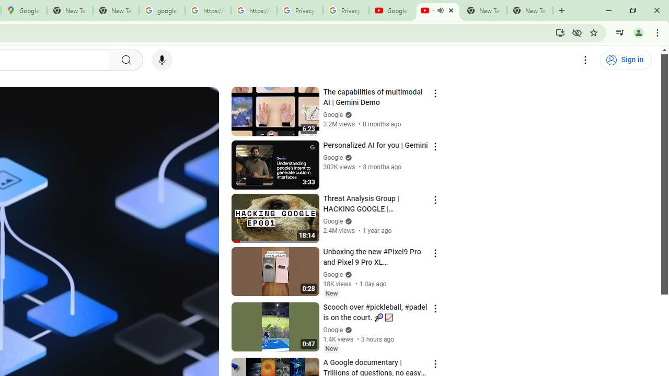 The height and width of the screenshot is (376, 669). I want to click on 'Search with your voice', so click(161, 60).